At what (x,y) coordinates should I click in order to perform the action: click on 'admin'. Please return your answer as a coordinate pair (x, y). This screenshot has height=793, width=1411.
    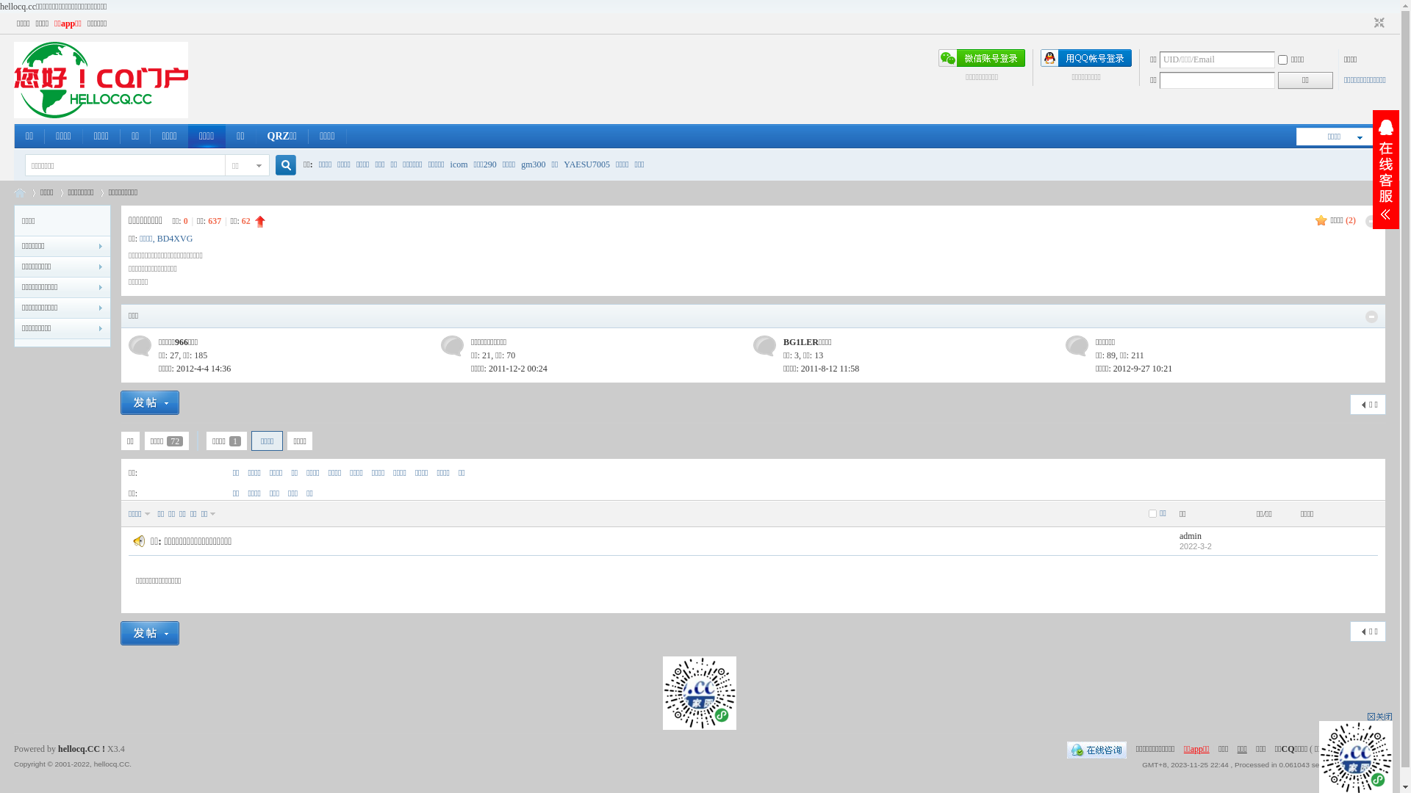
    Looking at the image, I should click on (1191, 535).